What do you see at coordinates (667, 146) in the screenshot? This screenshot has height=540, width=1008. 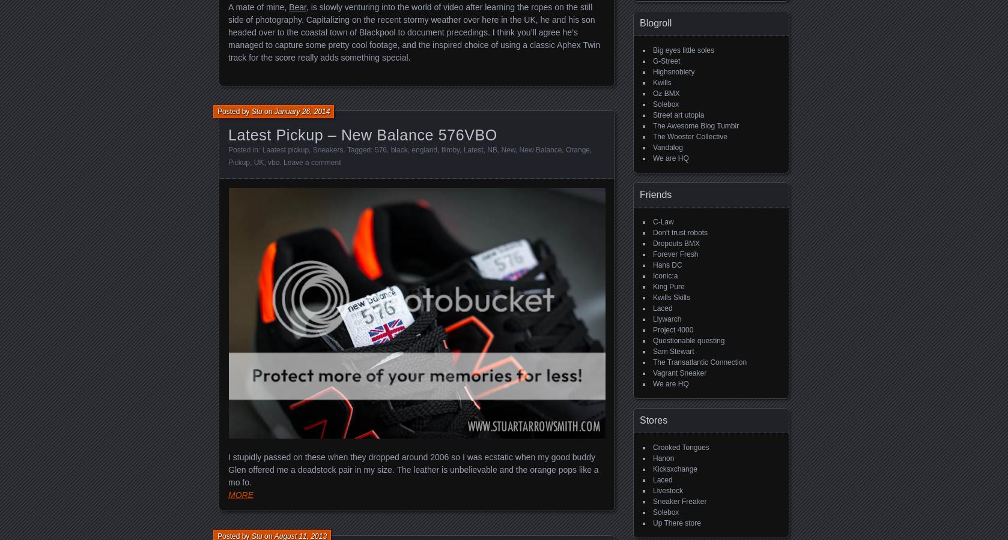 I see `'Vandalog'` at bounding box center [667, 146].